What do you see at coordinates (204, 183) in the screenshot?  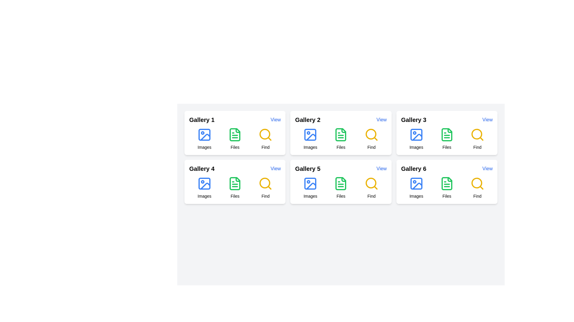 I see `the SVG rectangle shape that serves as a structural background for the 'Gallery 4' icon located in the first row of the second column` at bounding box center [204, 183].